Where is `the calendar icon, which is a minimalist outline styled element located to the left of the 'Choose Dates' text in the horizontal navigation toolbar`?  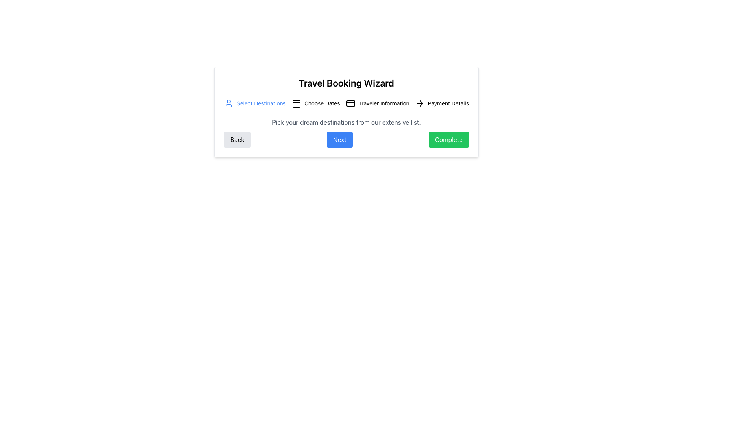
the calendar icon, which is a minimalist outline styled element located to the left of the 'Choose Dates' text in the horizontal navigation toolbar is located at coordinates (296, 103).